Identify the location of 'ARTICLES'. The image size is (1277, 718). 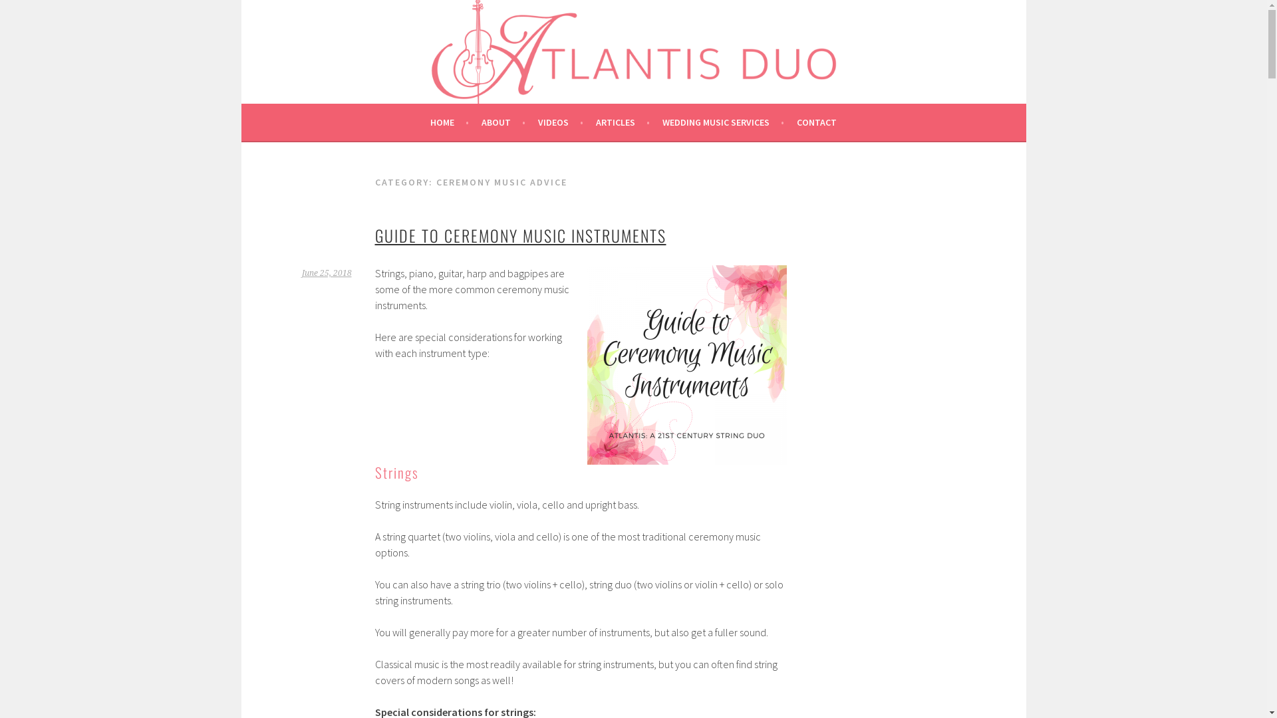
(622, 122).